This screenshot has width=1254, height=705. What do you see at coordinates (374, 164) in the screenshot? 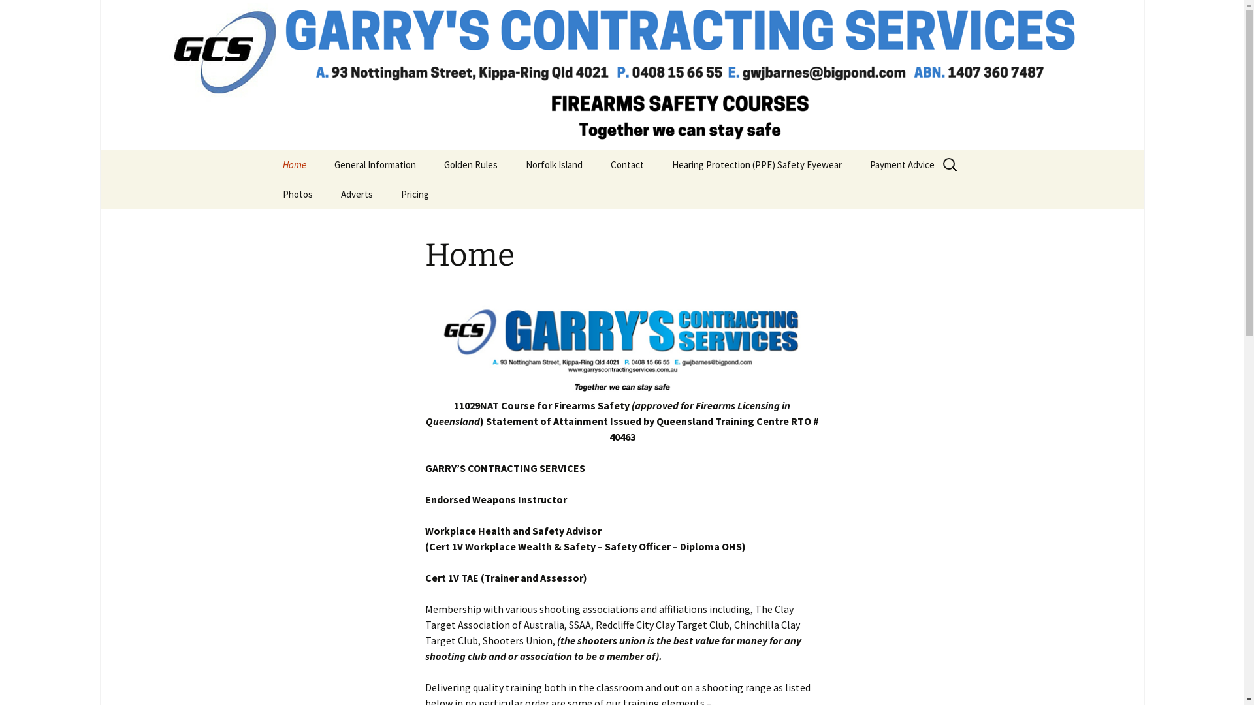
I see `'General Information'` at bounding box center [374, 164].